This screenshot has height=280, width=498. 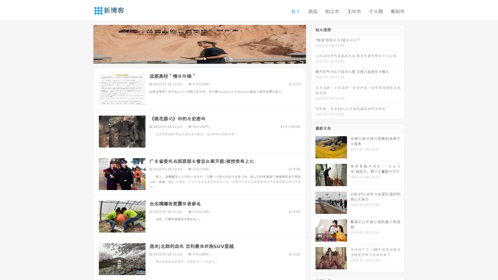 What do you see at coordinates (199, 58) in the screenshot?
I see `Go to slide 2` at bounding box center [199, 58].